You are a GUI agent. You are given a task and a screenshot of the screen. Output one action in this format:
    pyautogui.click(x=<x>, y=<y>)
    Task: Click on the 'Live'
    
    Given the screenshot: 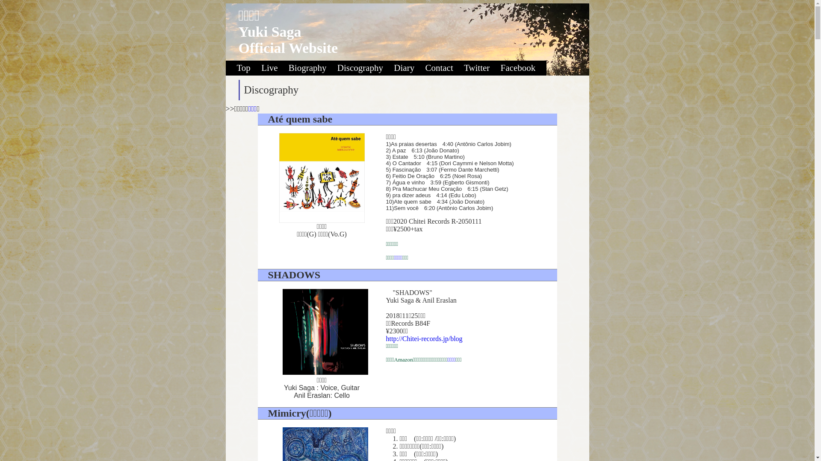 What is the action you would take?
    pyautogui.click(x=274, y=67)
    